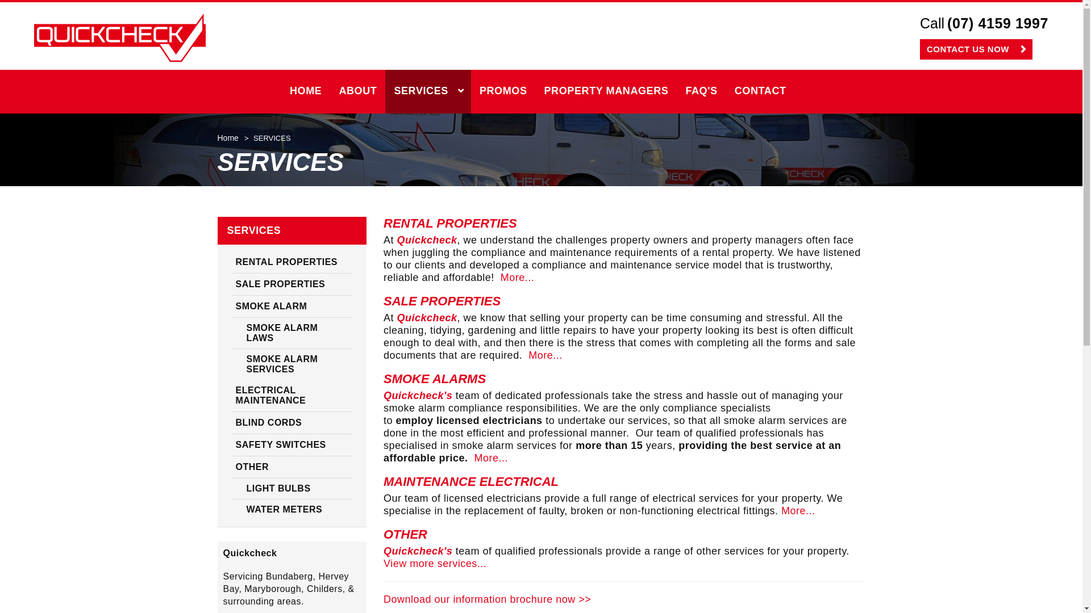 Image resolution: width=1091 pixels, height=613 pixels. Describe the element at coordinates (676, 91) in the screenshot. I see `'FAQ'S'` at that location.